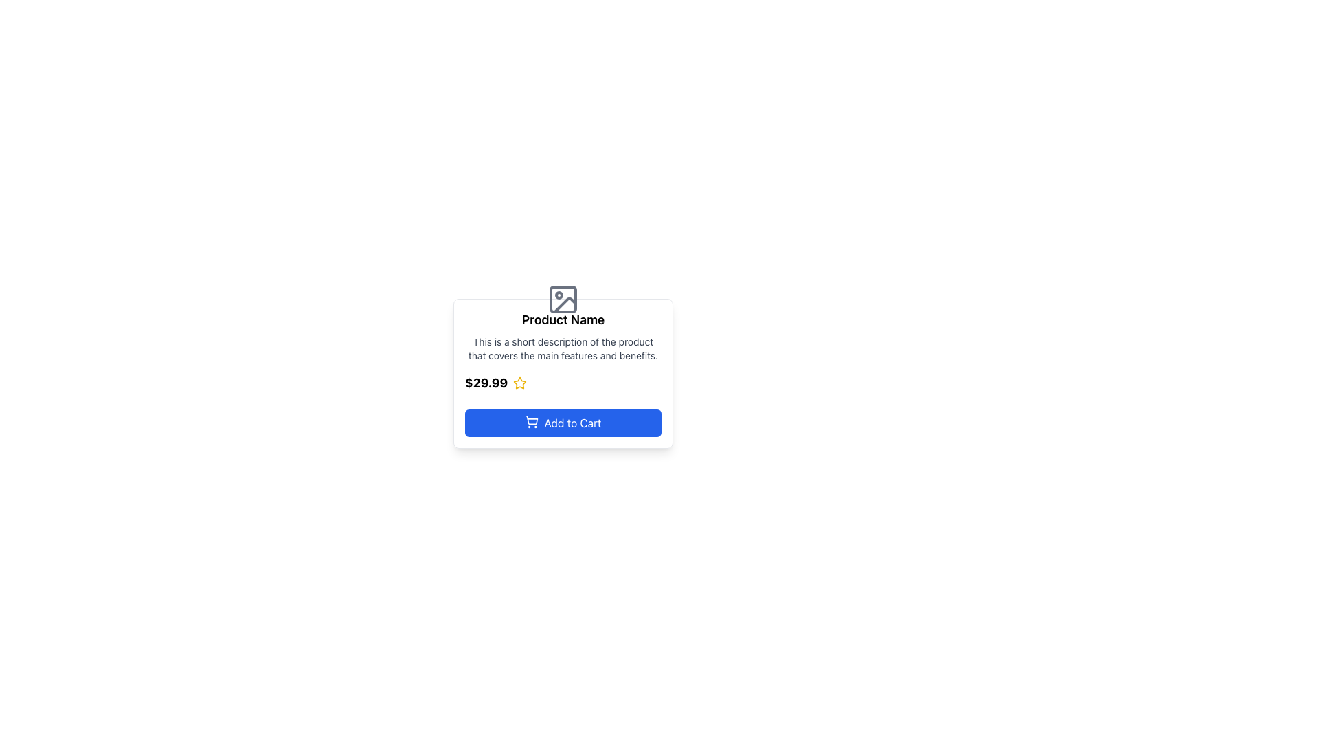  I want to click on the text block that provides a brief description of the product, which is positioned beneath the 'Product Name' and above the price information in the product card, so click(563, 348).